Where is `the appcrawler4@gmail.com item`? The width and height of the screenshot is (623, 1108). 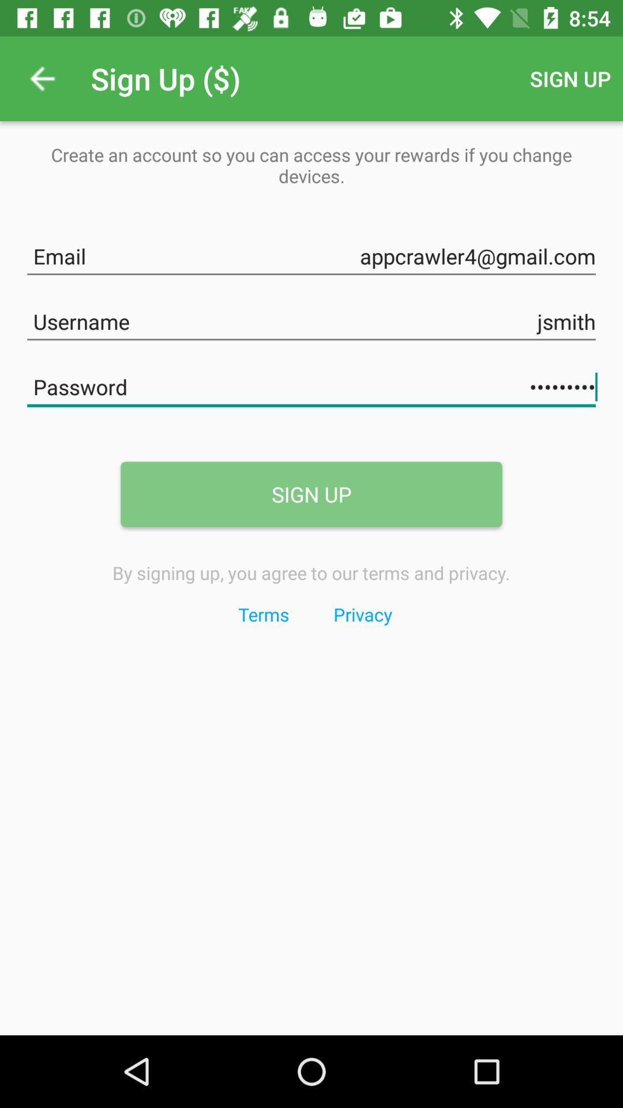
the appcrawler4@gmail.com item is located at coordinates (311, 253).